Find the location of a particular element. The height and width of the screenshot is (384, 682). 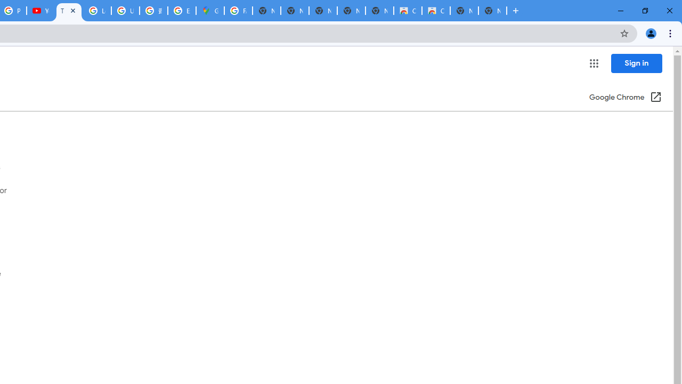

'New Tab' is located at coordinates (492, 11).